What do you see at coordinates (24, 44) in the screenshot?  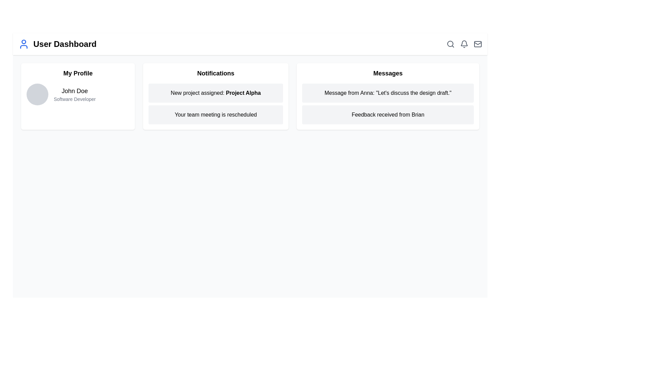 I see `the user profile icon located to the left of the 'User Dashboard' text in the header section` at bounding box center [24, 44].